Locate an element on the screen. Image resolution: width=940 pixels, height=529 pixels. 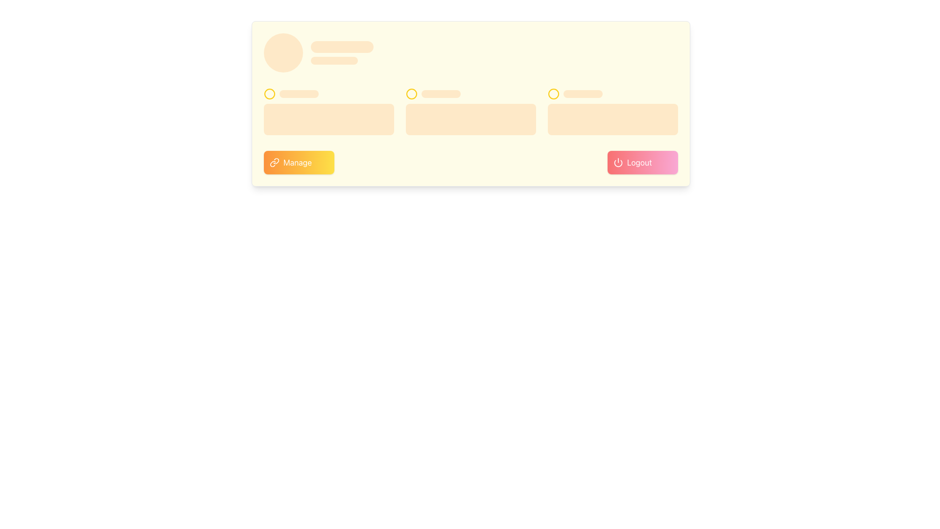
the Placeholder bar, which is a horizontally elongated bar with a soft orange background and rounded edges, styled with a pulsing animation, located centrally within a yellow-themed interface is located at coordinates (441, 94).